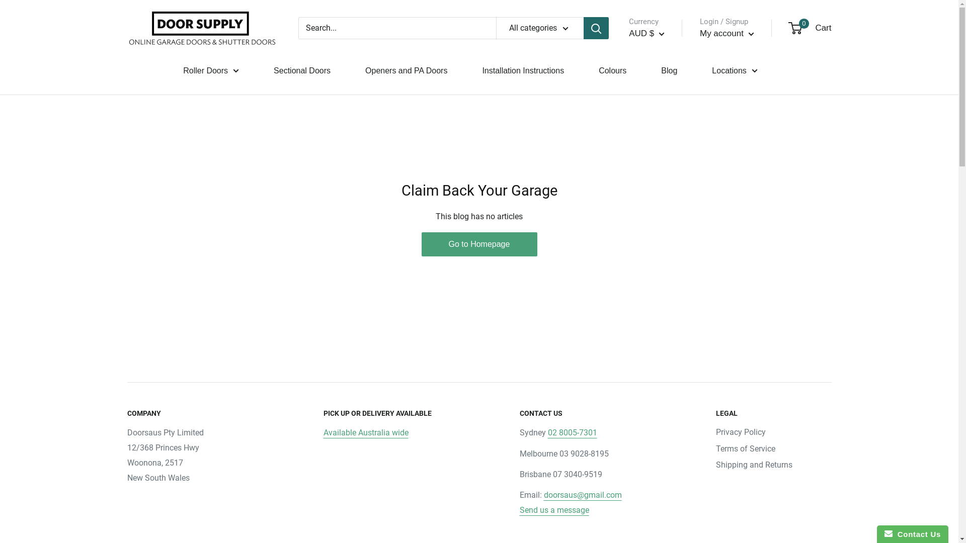  What do you see at coordinates (772, 465) in the screenshot?
I see `'Shipping and Returns'` at bounding box center [772, 465].